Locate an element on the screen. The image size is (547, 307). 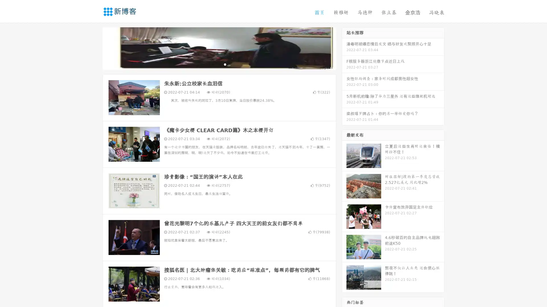
Go to slide 2 is located at coordinates (219, 64).